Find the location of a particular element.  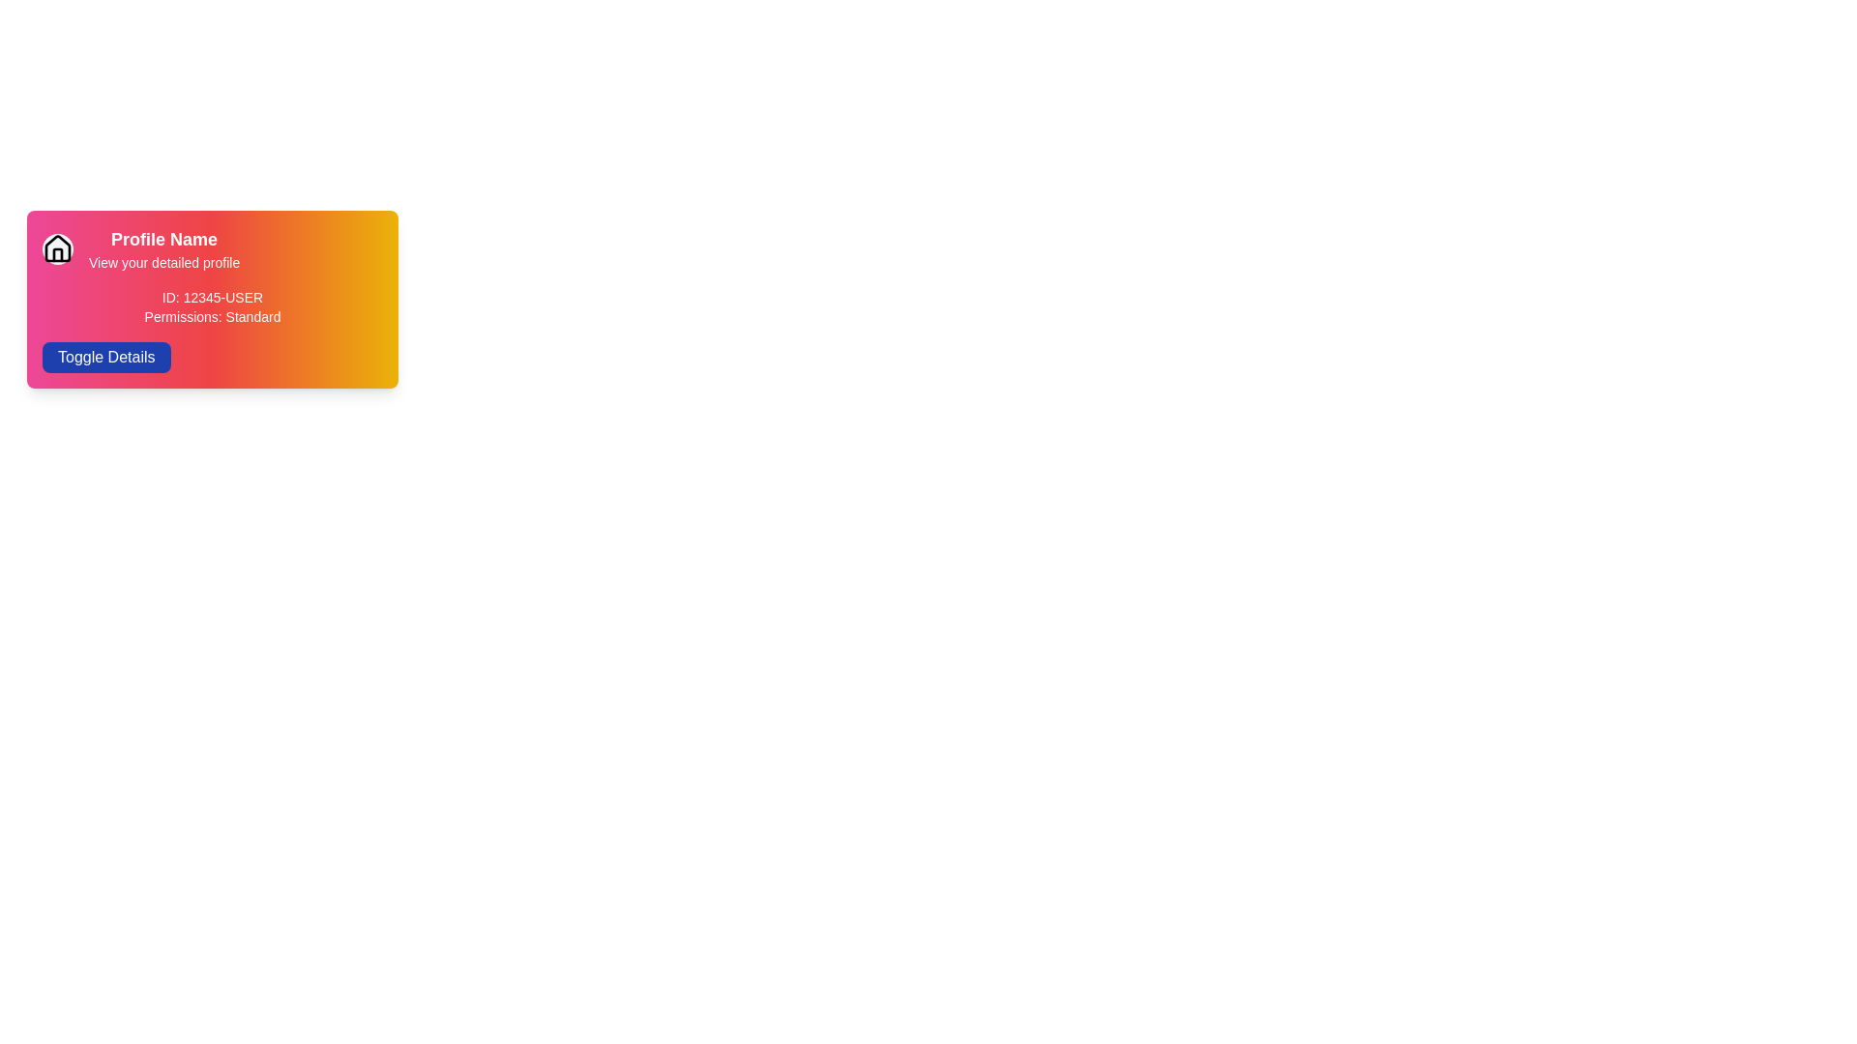

the 'Standard' permissions level text label located at the bottom of the user ID information block is located at coordinates (213, 315).